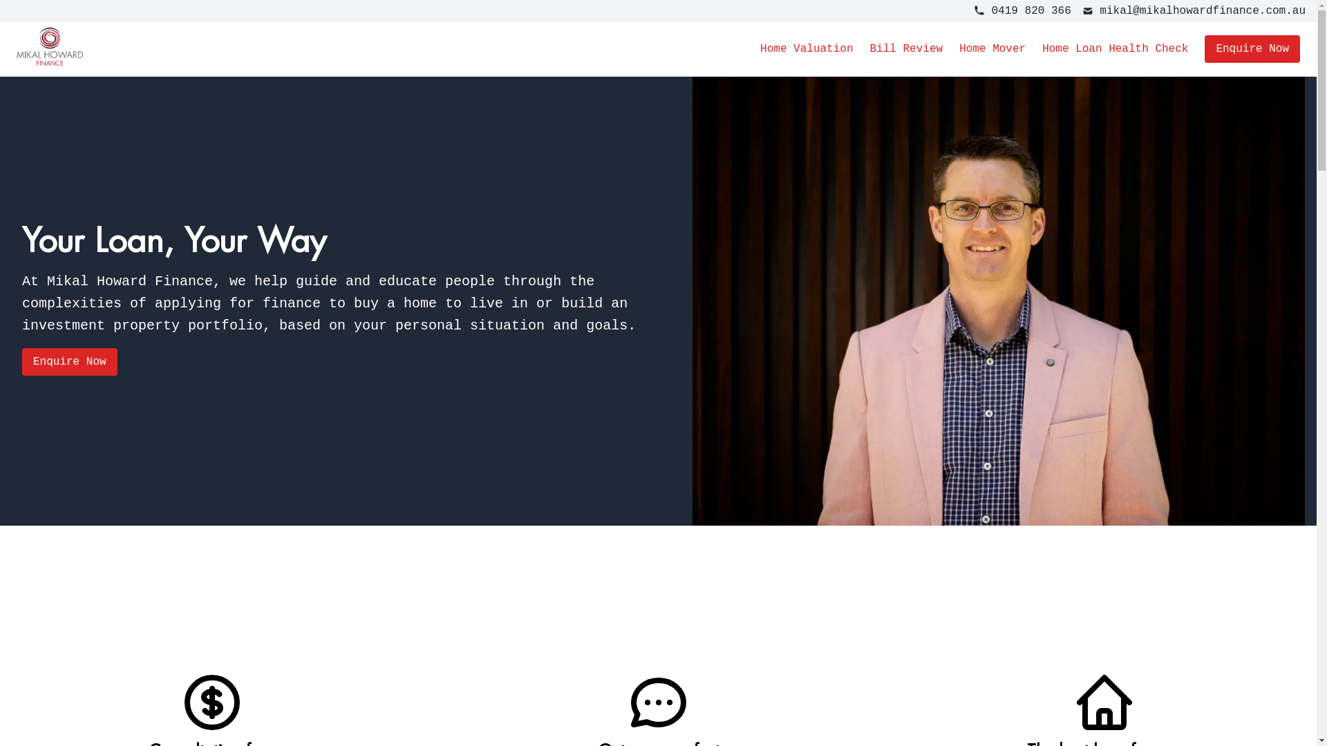 The width and height of the screenshot is (1327, 746). Describe the element at coordinates (991, 48) in the screenshot. I see `'Home Mover'` at that location.